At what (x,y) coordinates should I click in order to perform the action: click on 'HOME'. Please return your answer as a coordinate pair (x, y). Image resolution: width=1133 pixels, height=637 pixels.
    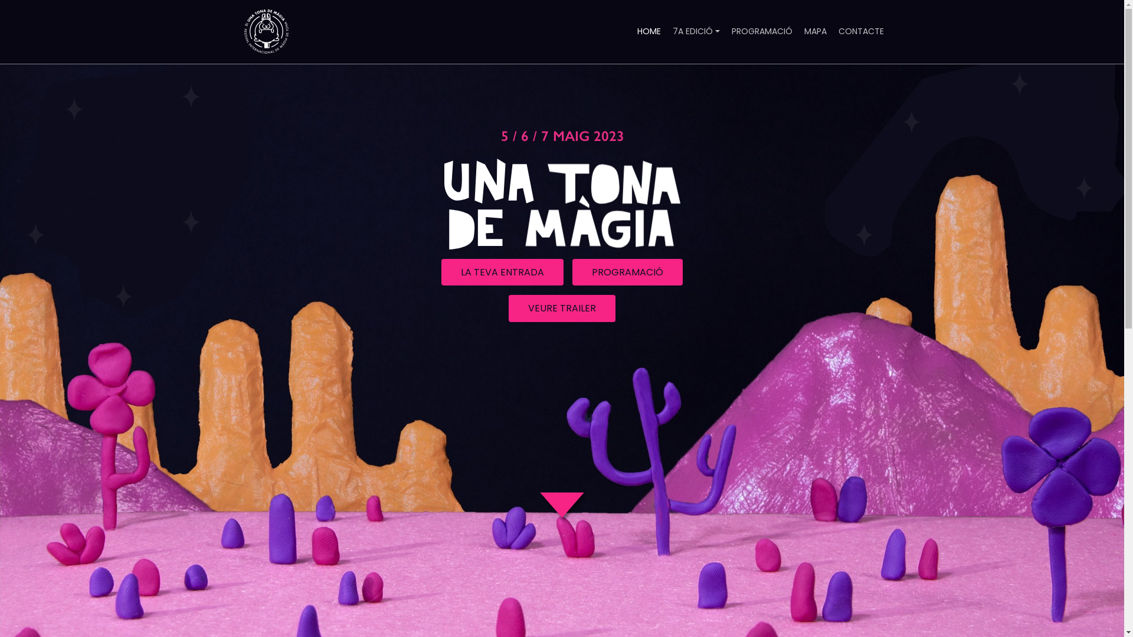
    Looking at the image, I should click on (648, 31).